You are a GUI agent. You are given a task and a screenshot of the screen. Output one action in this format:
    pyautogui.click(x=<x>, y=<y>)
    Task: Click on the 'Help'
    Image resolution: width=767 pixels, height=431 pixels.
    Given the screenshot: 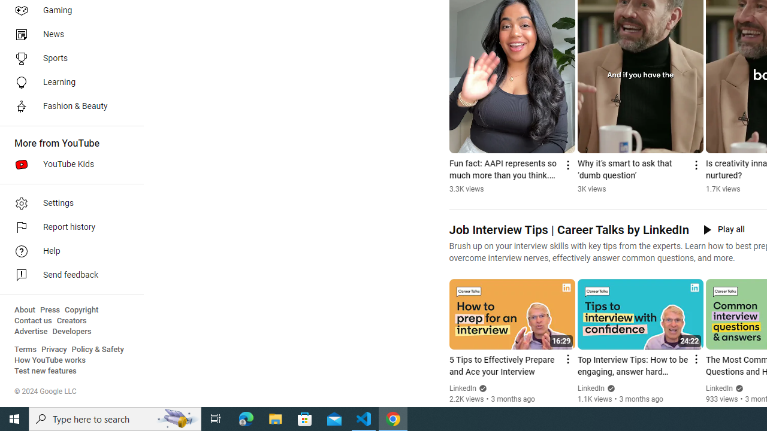 What is the action you would take?
    pyautogui.click(x=67, y=251)
    